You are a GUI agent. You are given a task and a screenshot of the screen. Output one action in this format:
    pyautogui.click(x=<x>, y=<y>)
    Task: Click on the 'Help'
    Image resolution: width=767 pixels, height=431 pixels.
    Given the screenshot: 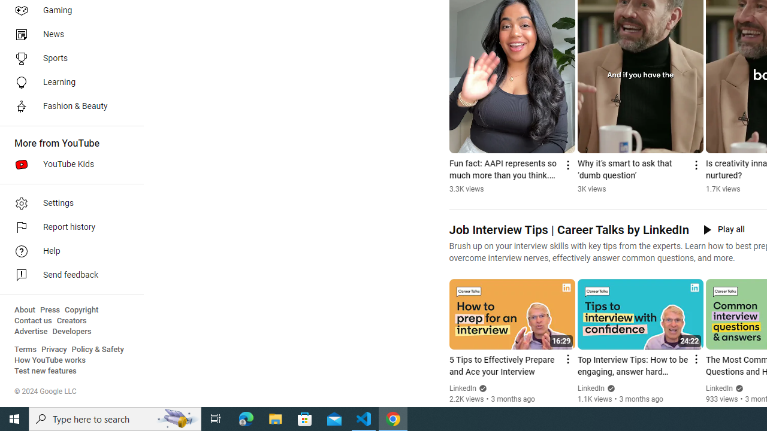 What is the action you would take?
    pyautogui.click(x=67, y=251)
    